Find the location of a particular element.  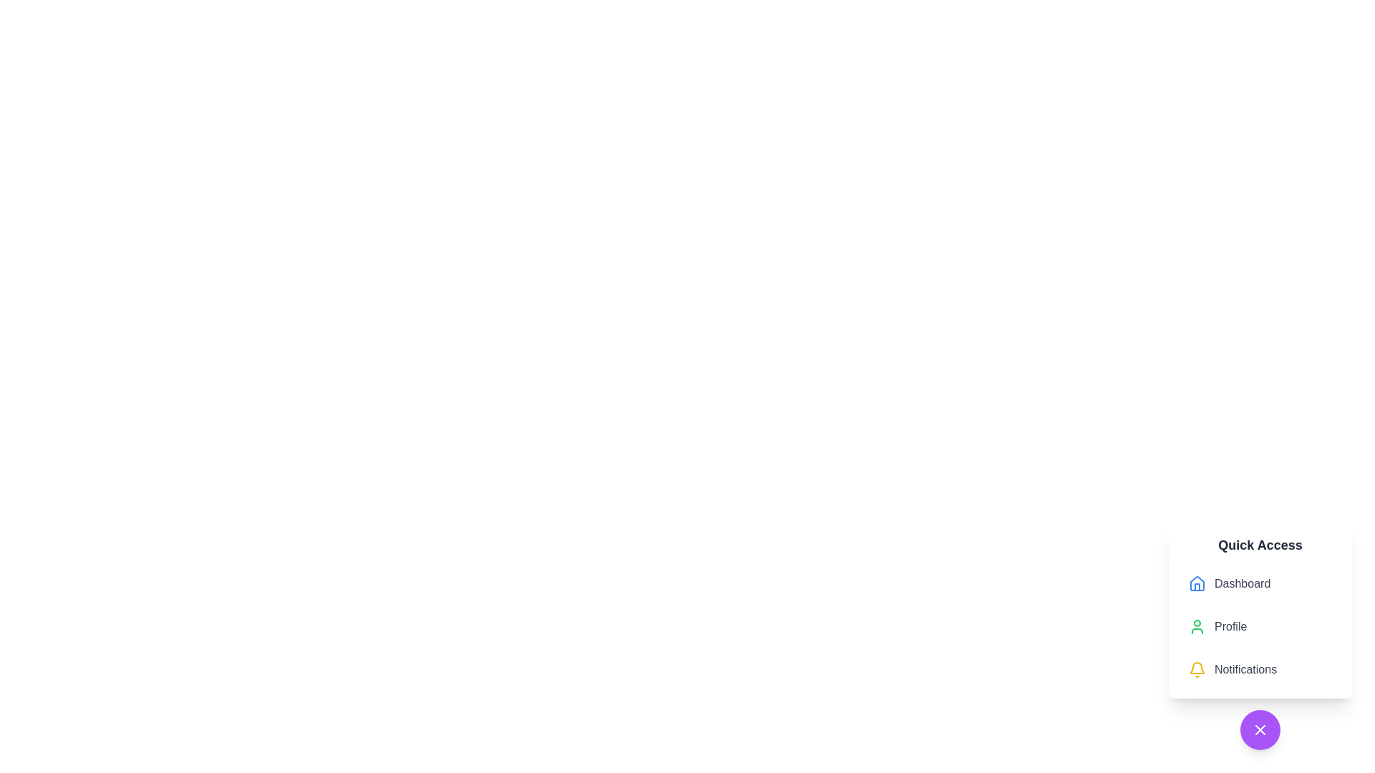

the static text label displaying 'Notifications', which is part of a vertical list of menu items under 'Quick Access' is located at coordinates (1245, 670).